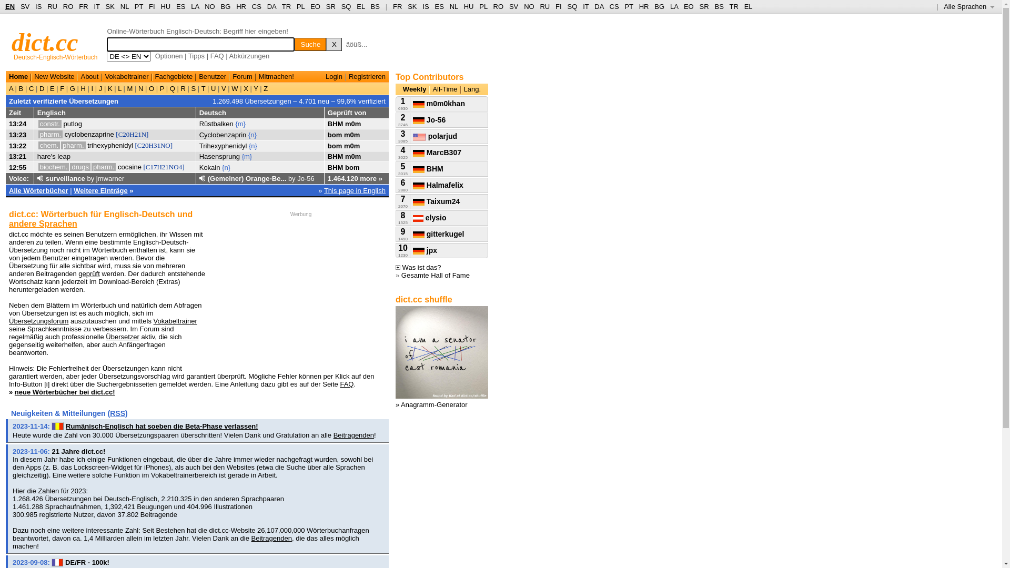  I want to click on 'm0m', so click(353, 123).